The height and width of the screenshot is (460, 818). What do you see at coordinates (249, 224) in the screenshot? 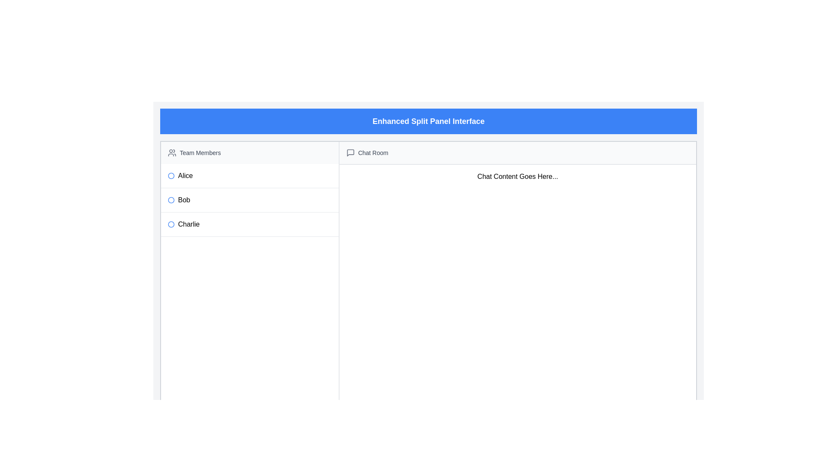
I see `the third list item in the vertical list on the left panel` at bounding box center [249, 224].